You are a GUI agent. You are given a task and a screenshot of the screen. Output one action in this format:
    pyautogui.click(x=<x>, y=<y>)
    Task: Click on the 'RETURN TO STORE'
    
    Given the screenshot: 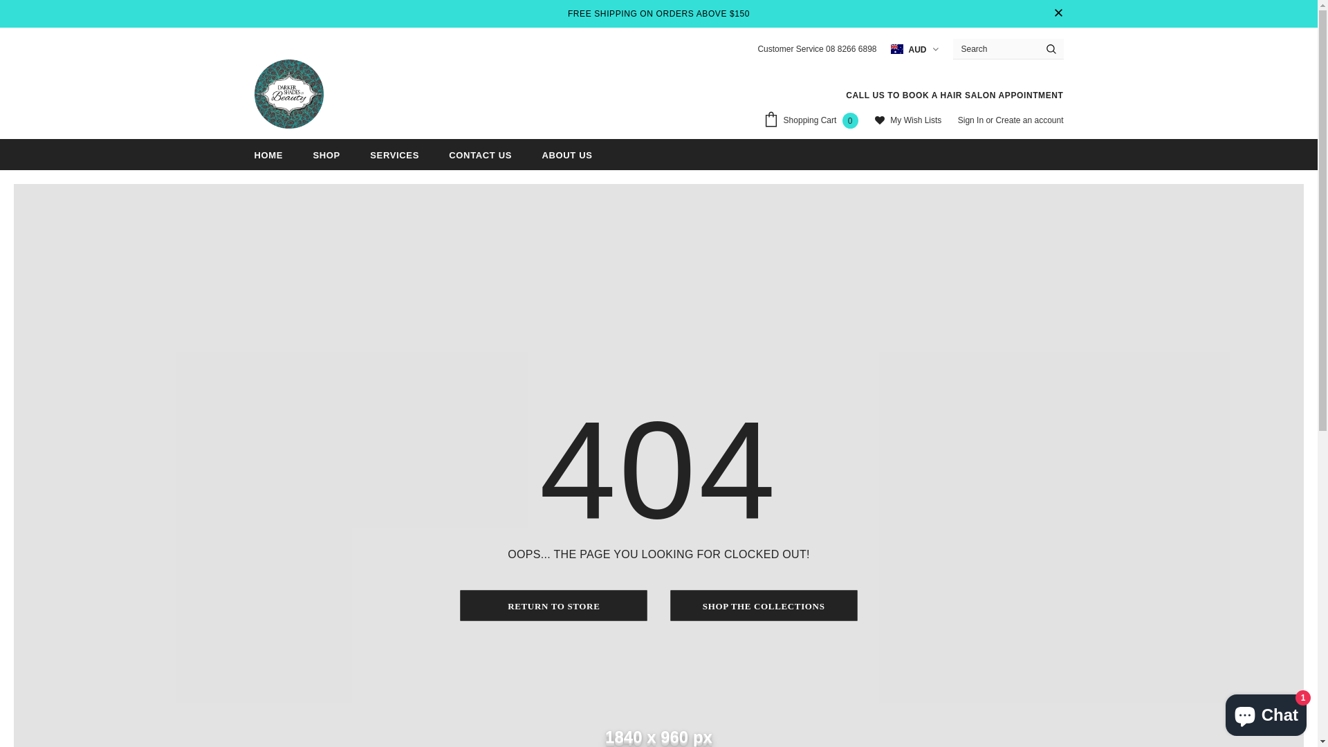 What is the action you would take?
    pyautogui.click(x=554, y=605)
    